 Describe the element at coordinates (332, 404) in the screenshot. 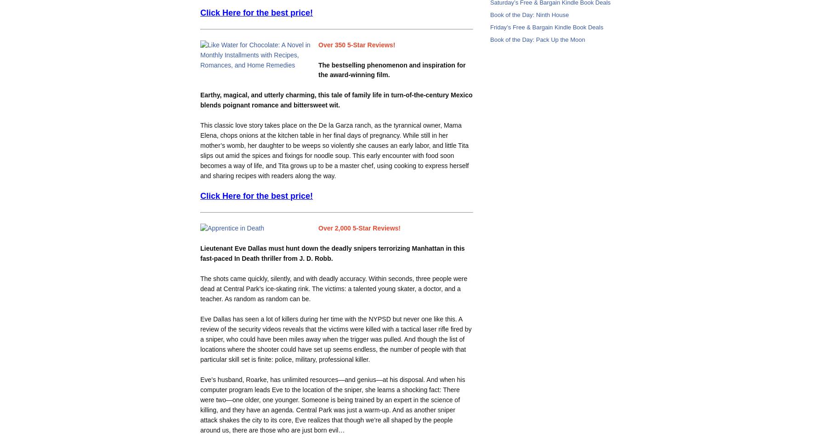

I see `'Eve’s husband, Roarke, has unlimited resources—and genius—at his disposal. And when his computer program leads Eve to the location of the sniper, she learns a shocking fact: There were two—one older, one younger. Someone is being trained by an expert in the science of killing, and they have an agenda. Central Park was just a warm-up. And as another sniper attack shakes the city to its core, Eve realizes that though we’re all shaped by the people around us, there are those who are just born evil…'` at that location.